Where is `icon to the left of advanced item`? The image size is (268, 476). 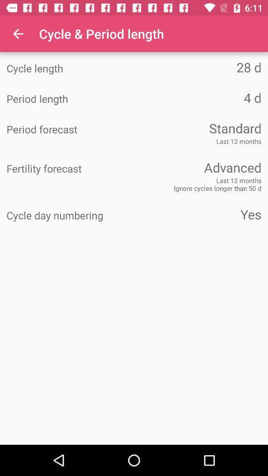
icon to the left of advanced item is located at coordinates (69, 169).